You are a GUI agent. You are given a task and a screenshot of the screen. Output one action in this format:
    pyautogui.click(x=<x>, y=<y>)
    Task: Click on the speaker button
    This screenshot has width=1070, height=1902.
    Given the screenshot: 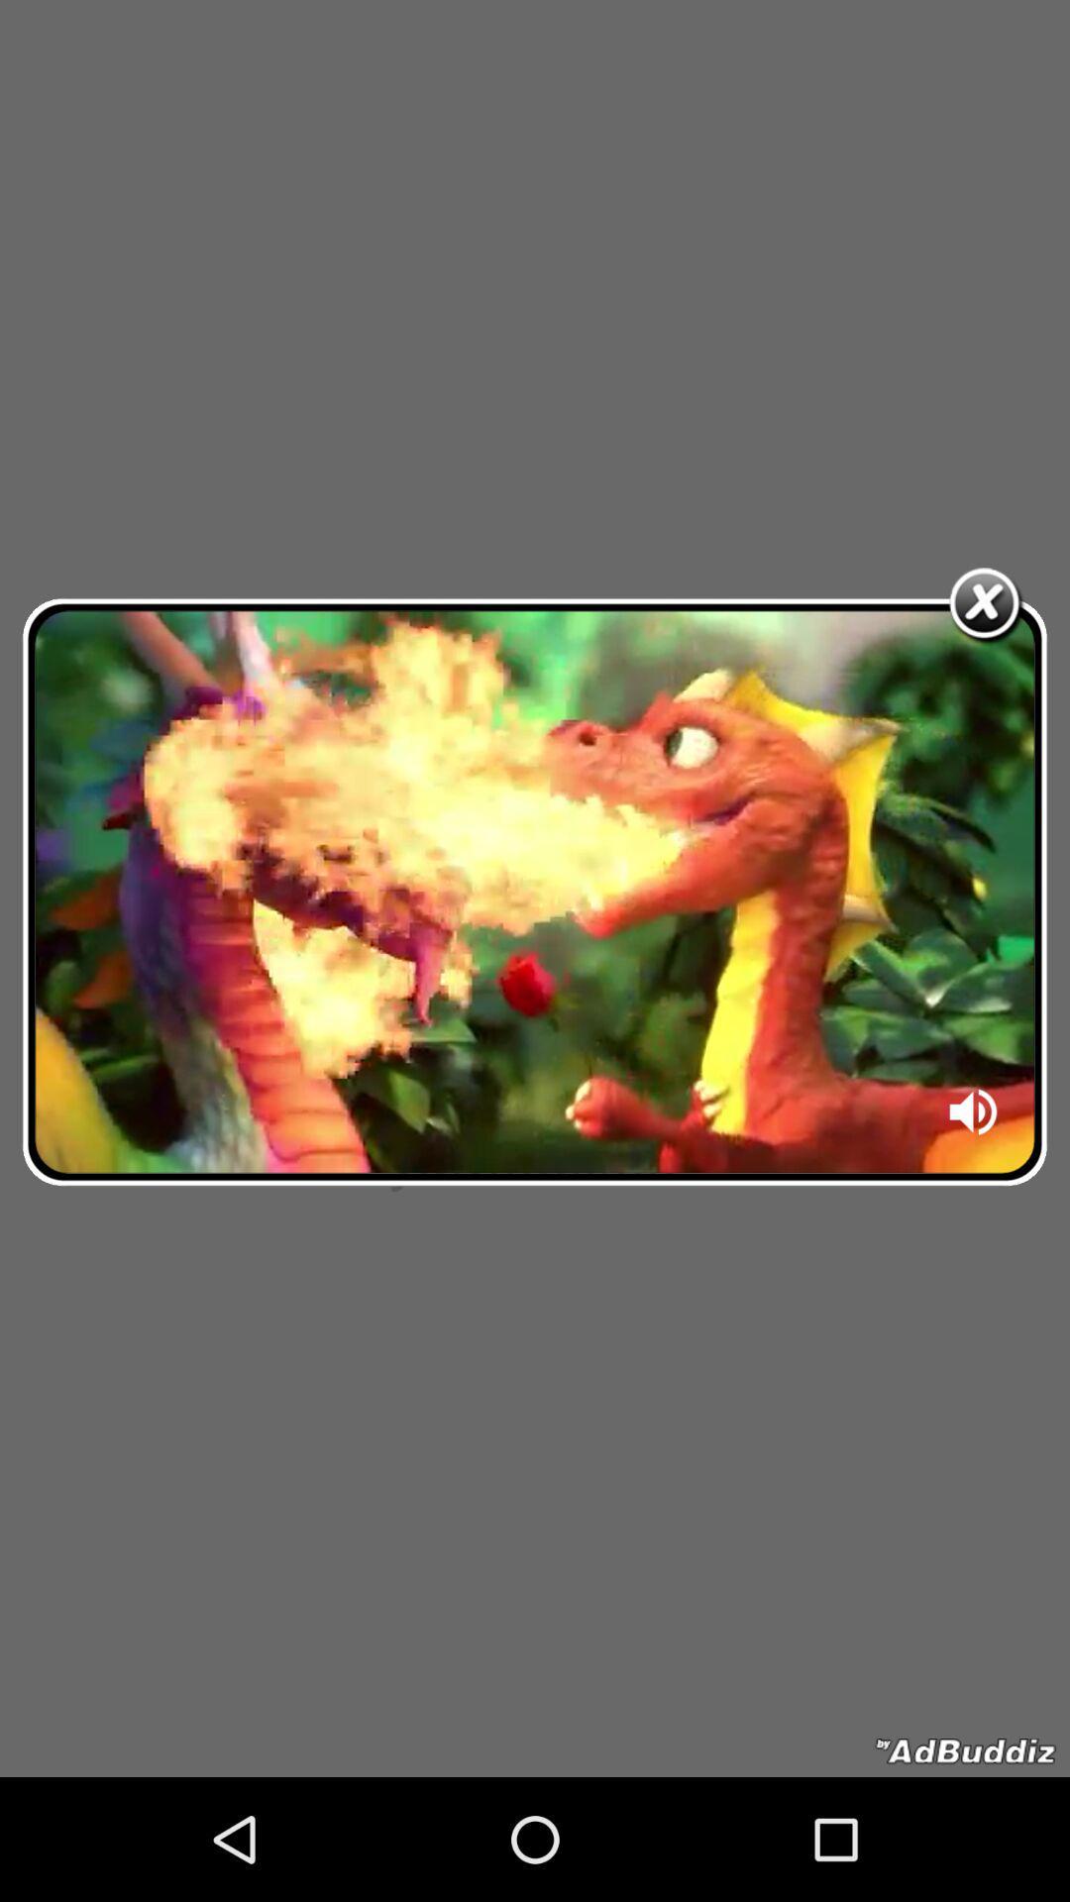 What is the action you would take?
    pyautogui.click(x=973, y=1118)
    